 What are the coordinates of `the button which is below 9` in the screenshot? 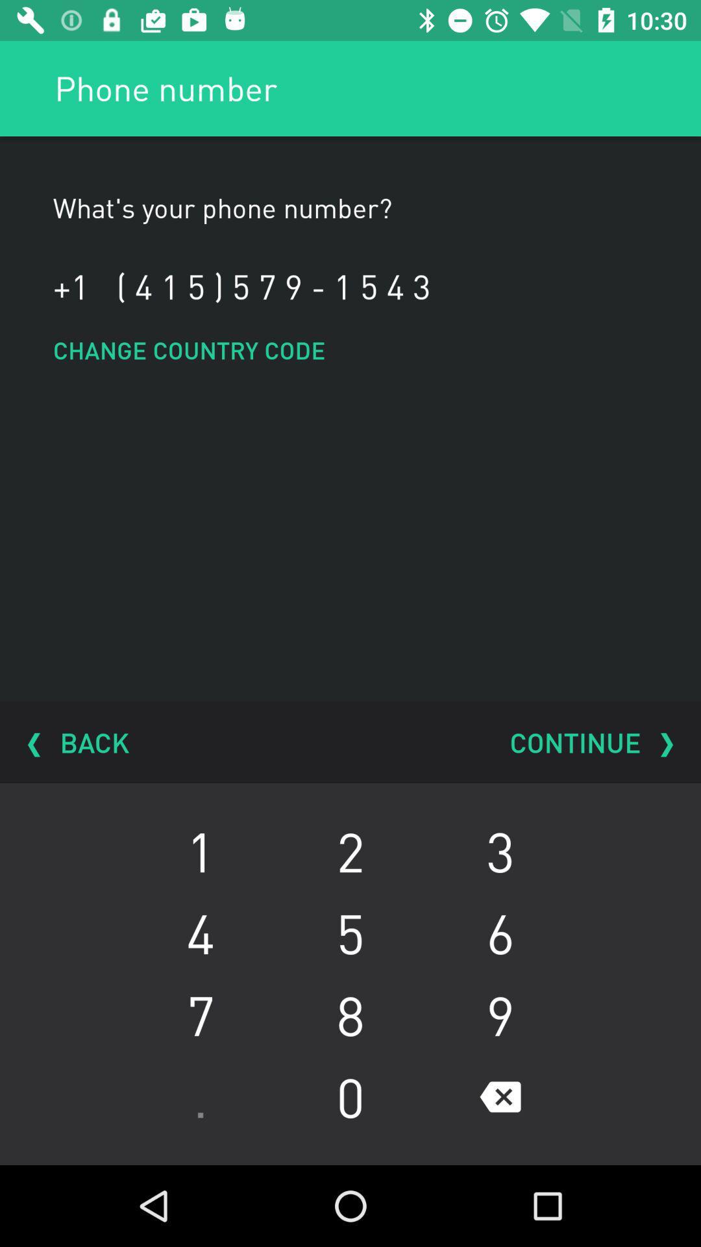 It's located at (500, 1096).